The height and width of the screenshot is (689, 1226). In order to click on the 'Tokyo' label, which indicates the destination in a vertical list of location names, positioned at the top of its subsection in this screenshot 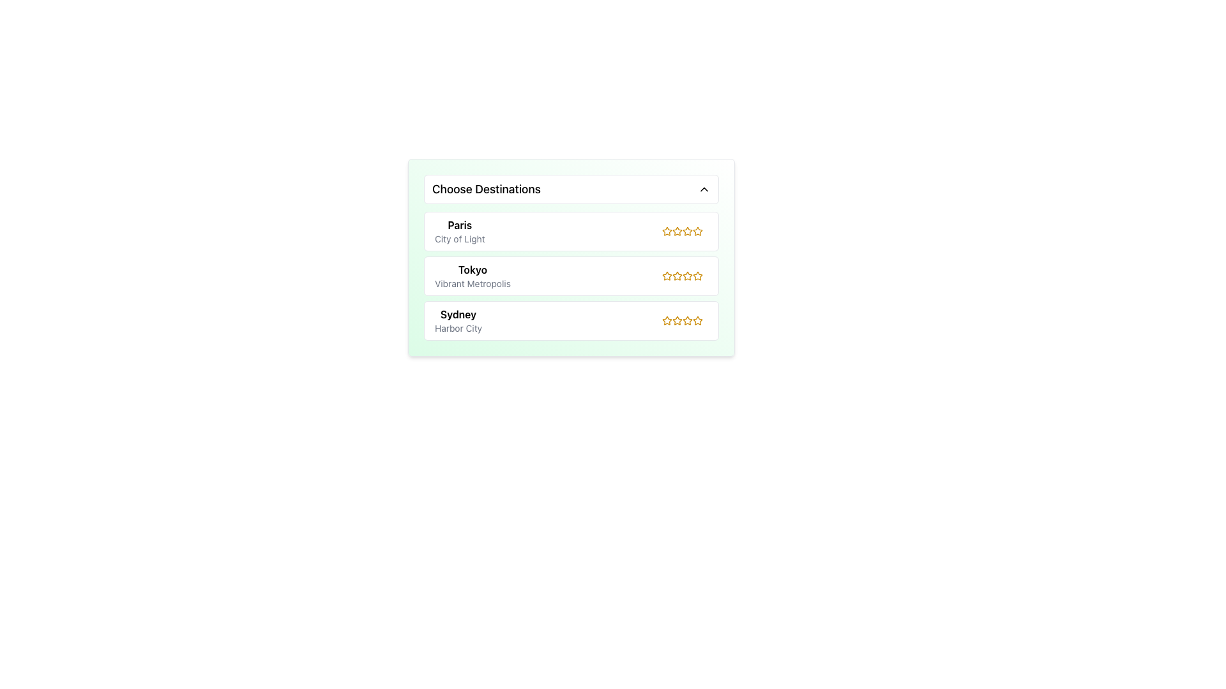, I will do `click(472, 269)`.